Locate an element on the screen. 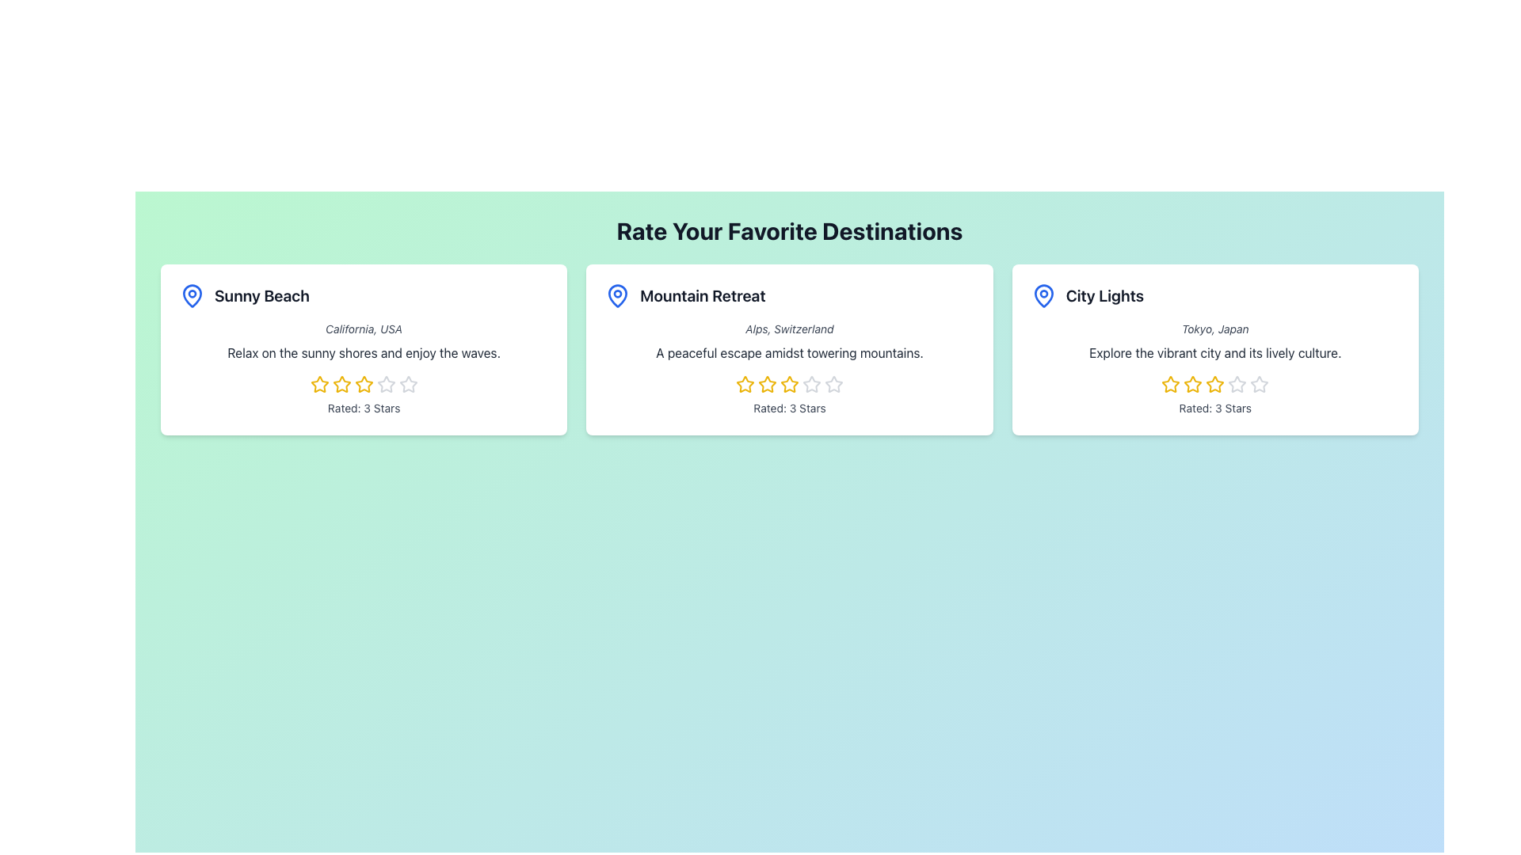 This screenshot has height=855, width=1521. the fourth star icon used for rating the 'Sunny Beach' destination to trigger a preview effect is located at coordinates (386, 384).